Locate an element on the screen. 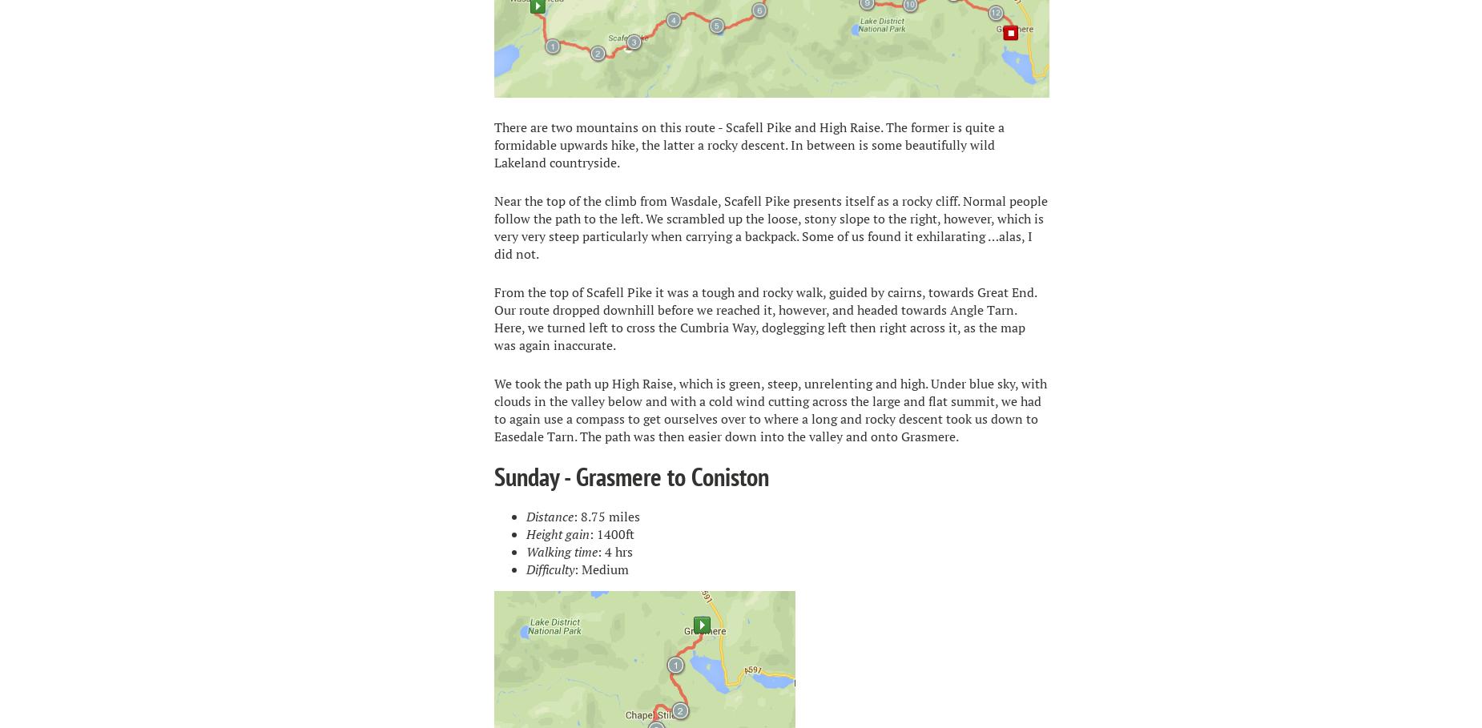  ': 8.75 miles' is located at coordinates (606, 515).